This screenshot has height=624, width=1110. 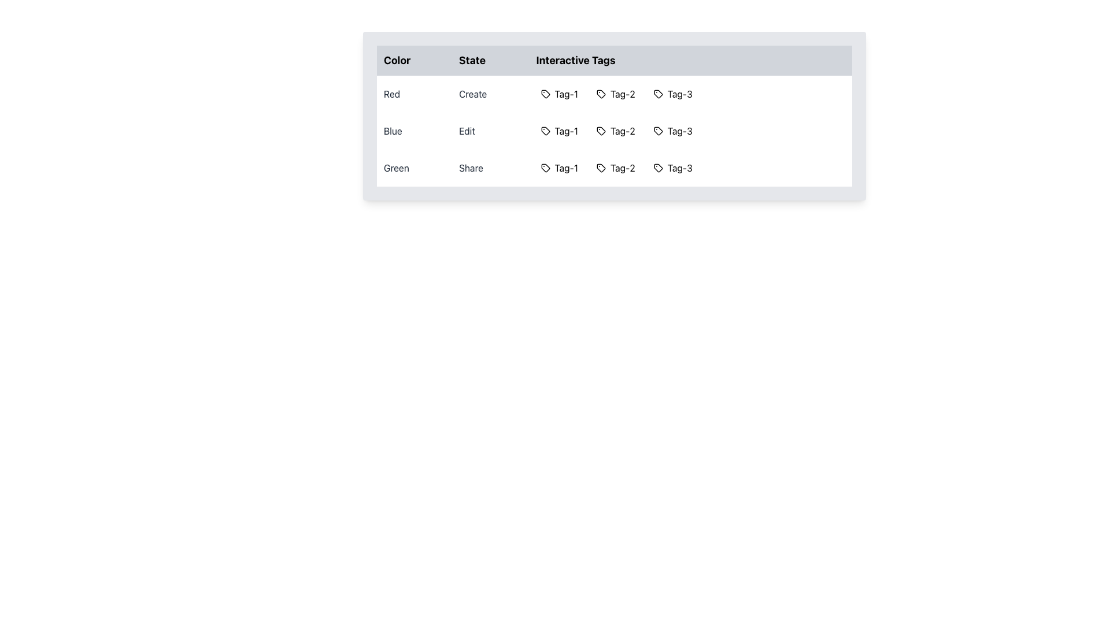 What do you see at coordinates (615, 168) in the screenshot?
I see `the non-interactive label 'Tag-2' located in the third row of the table under the 'Interactive Tags' column, positioned between 'Tag-1' and 'Tag-3'` at bounding box center [615, 168].